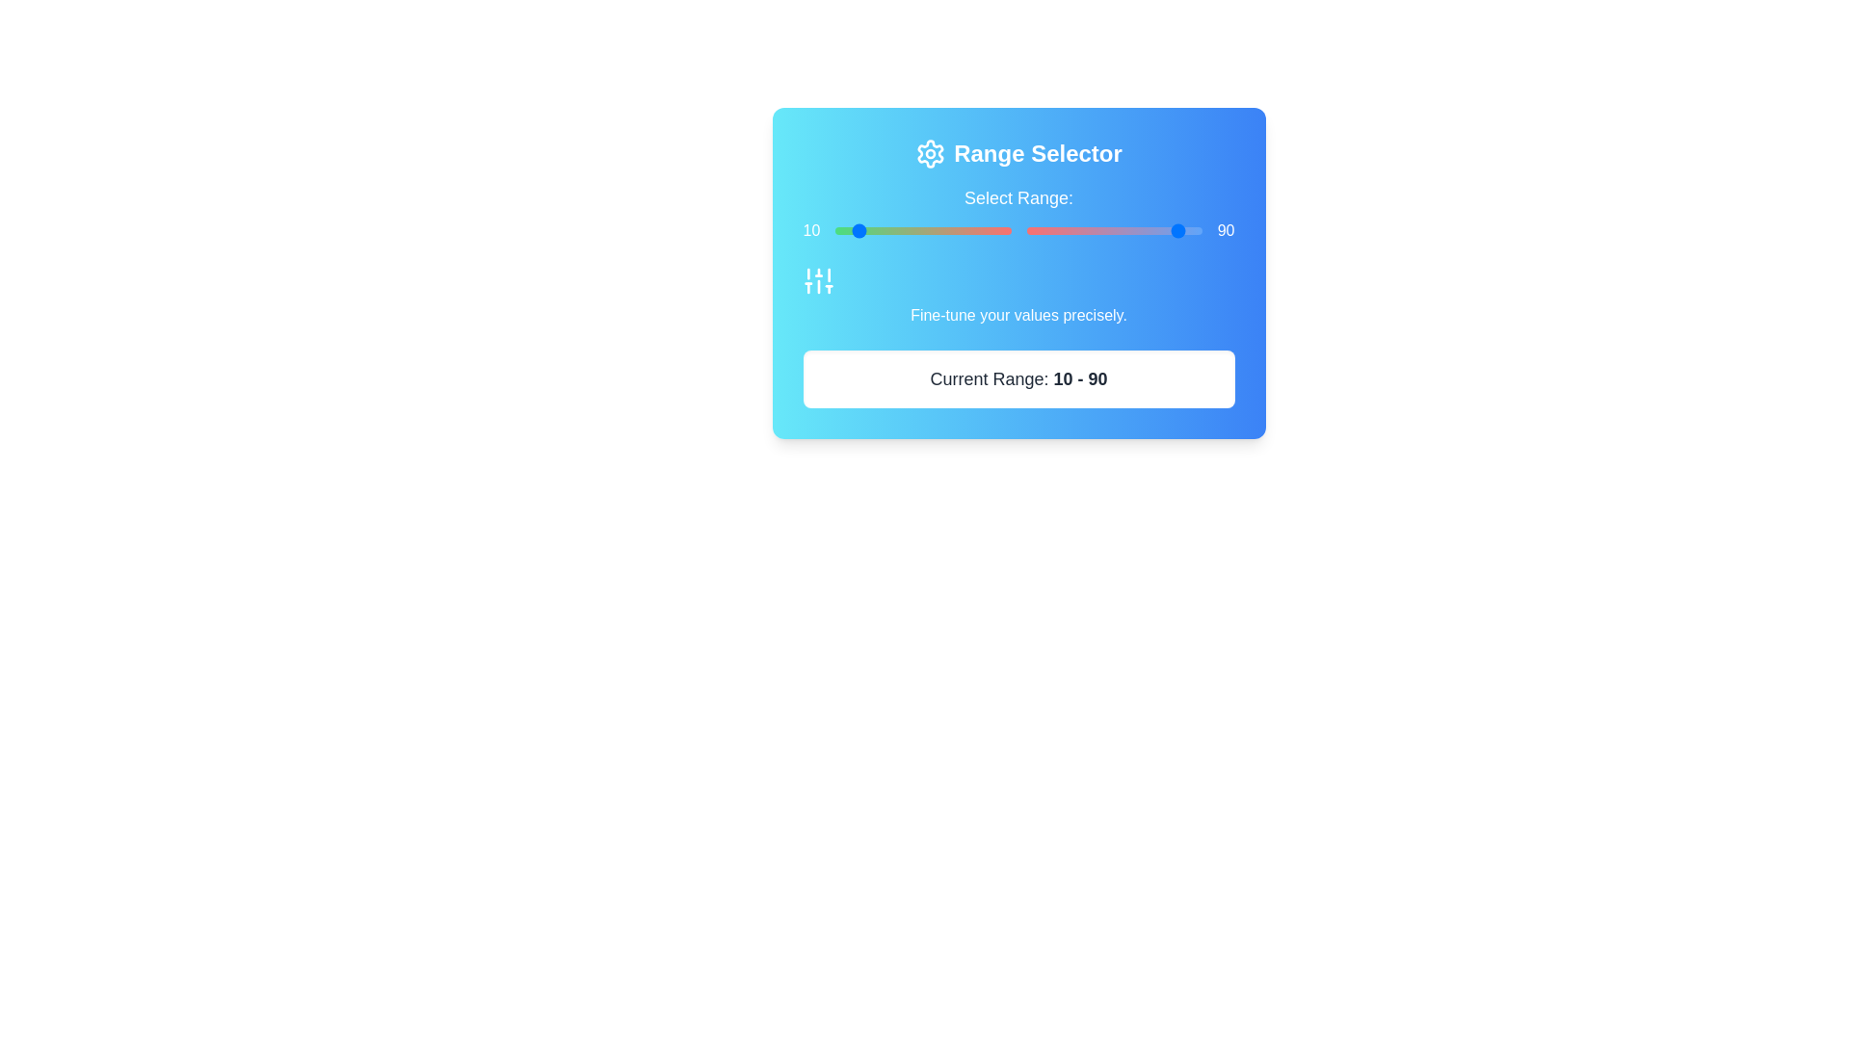  Describe the element at coordinates (967, 229) in the screenshot. I see `the slider to set the value to 36` at that location.